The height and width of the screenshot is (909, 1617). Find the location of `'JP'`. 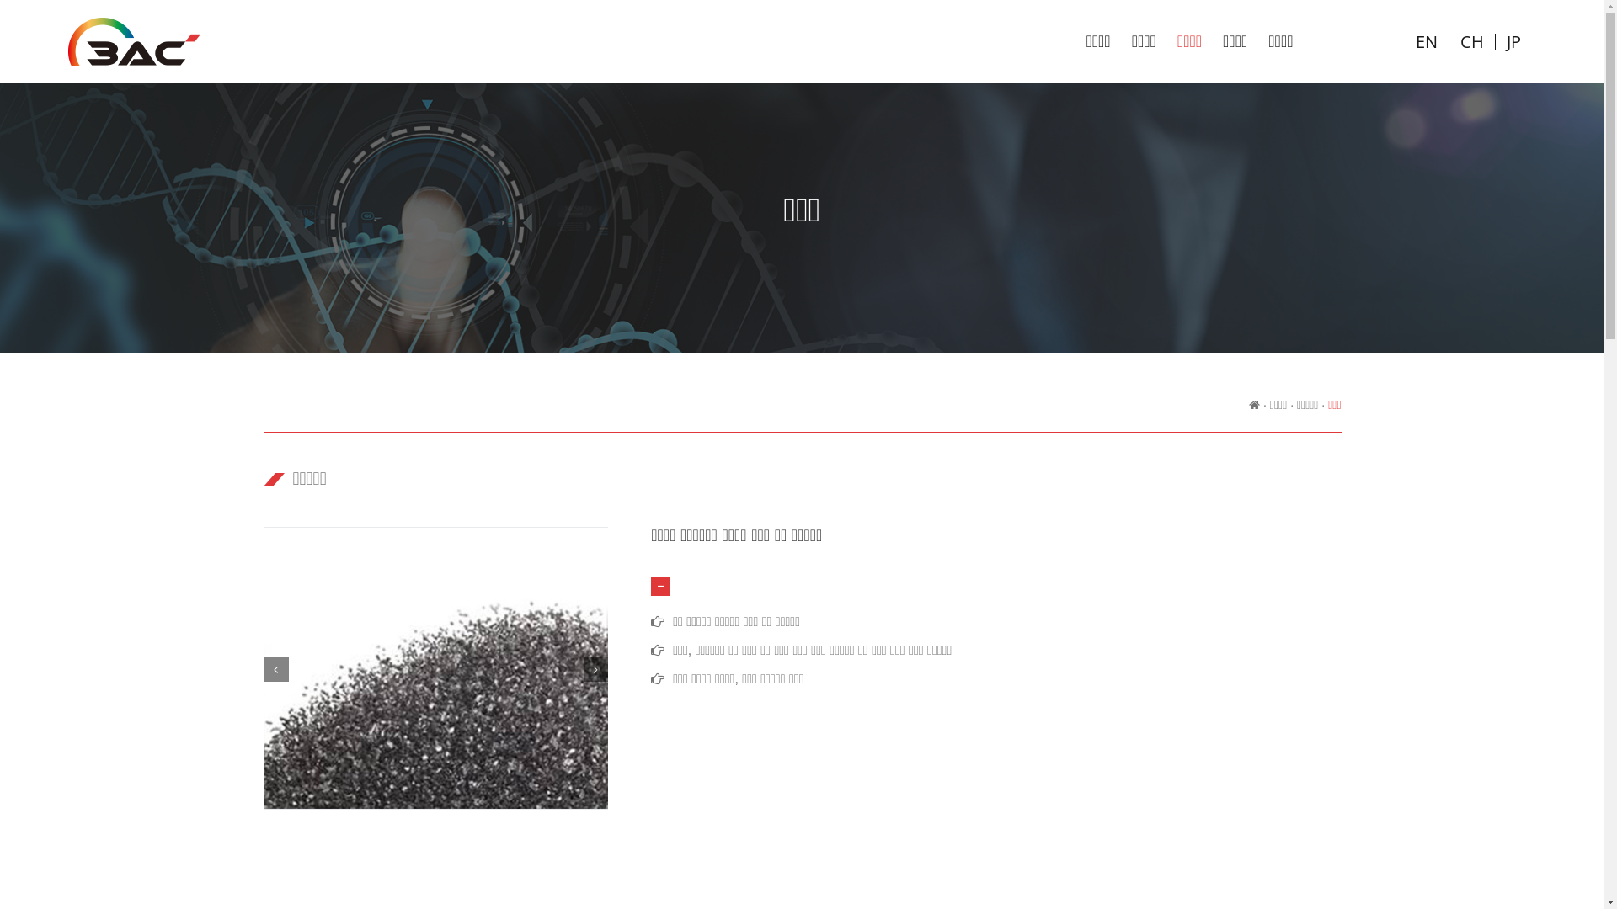

'JP' is located at coordinates (1513, 41).